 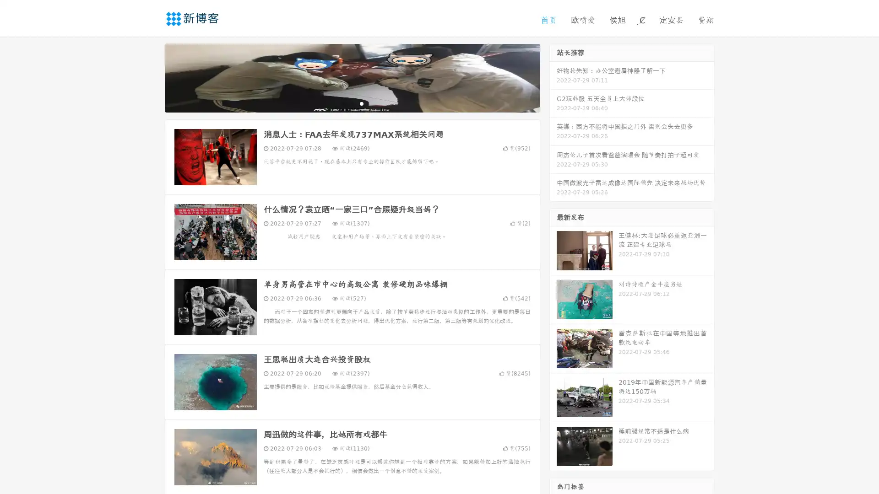 What do you see at coordinates (553, 77) in the screenshot?
I see `Next slide` at bounding box center [553, 77].